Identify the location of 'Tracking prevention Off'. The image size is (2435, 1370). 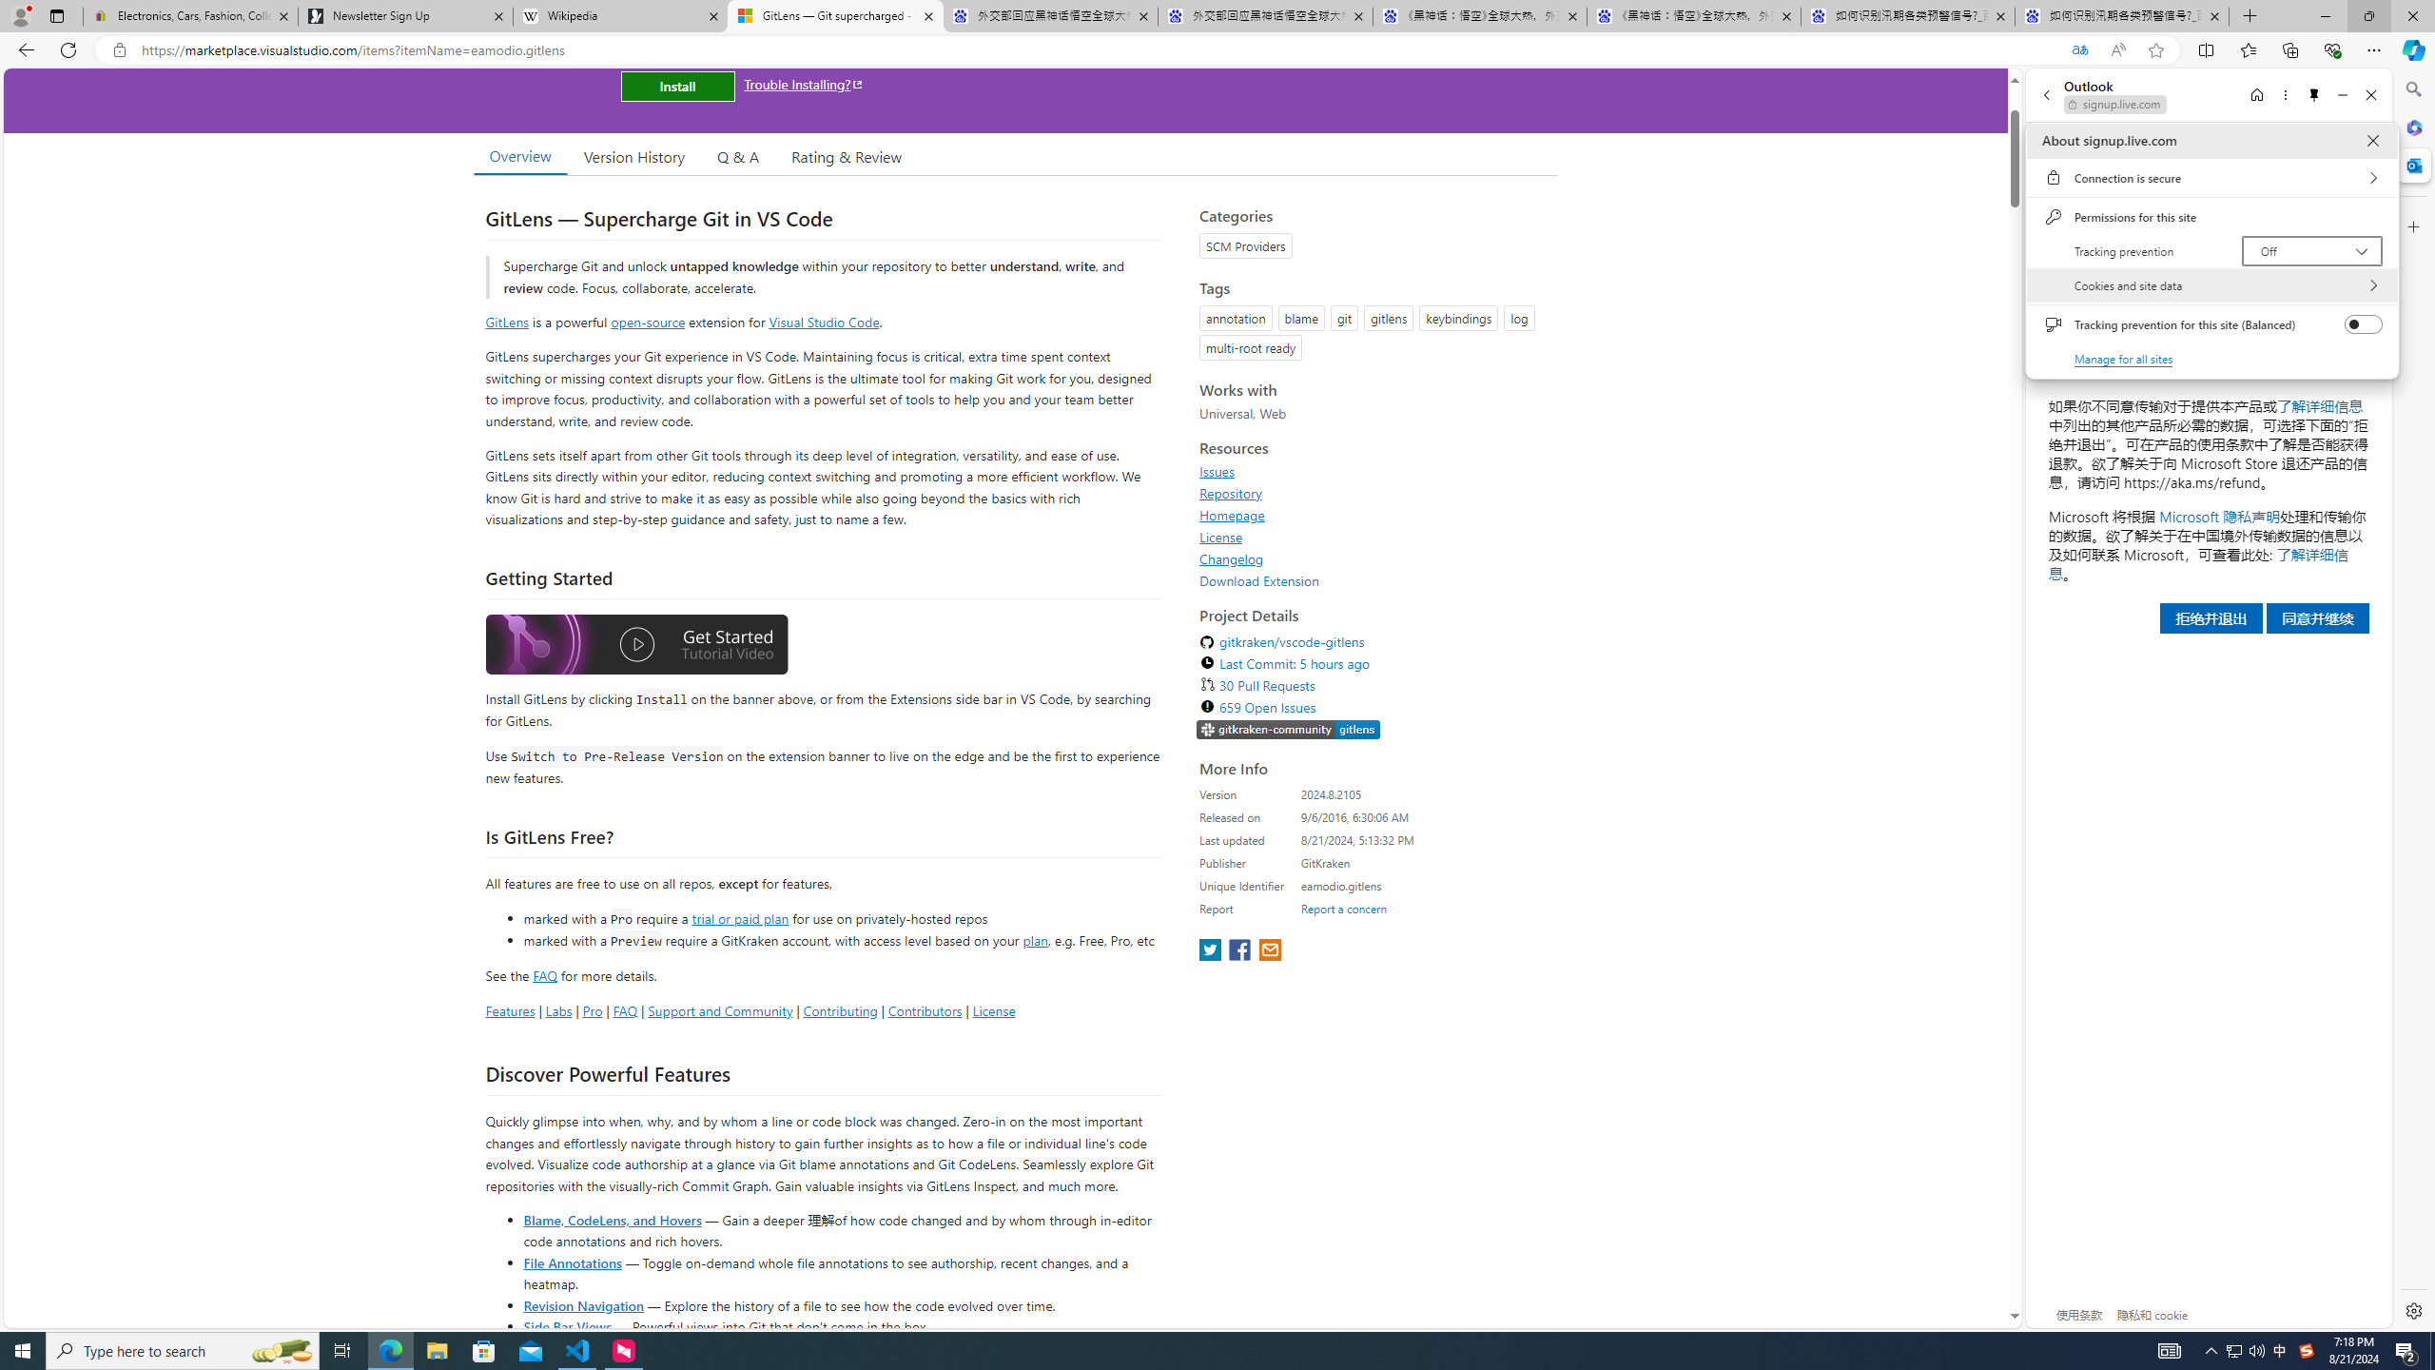
(2312, 250).